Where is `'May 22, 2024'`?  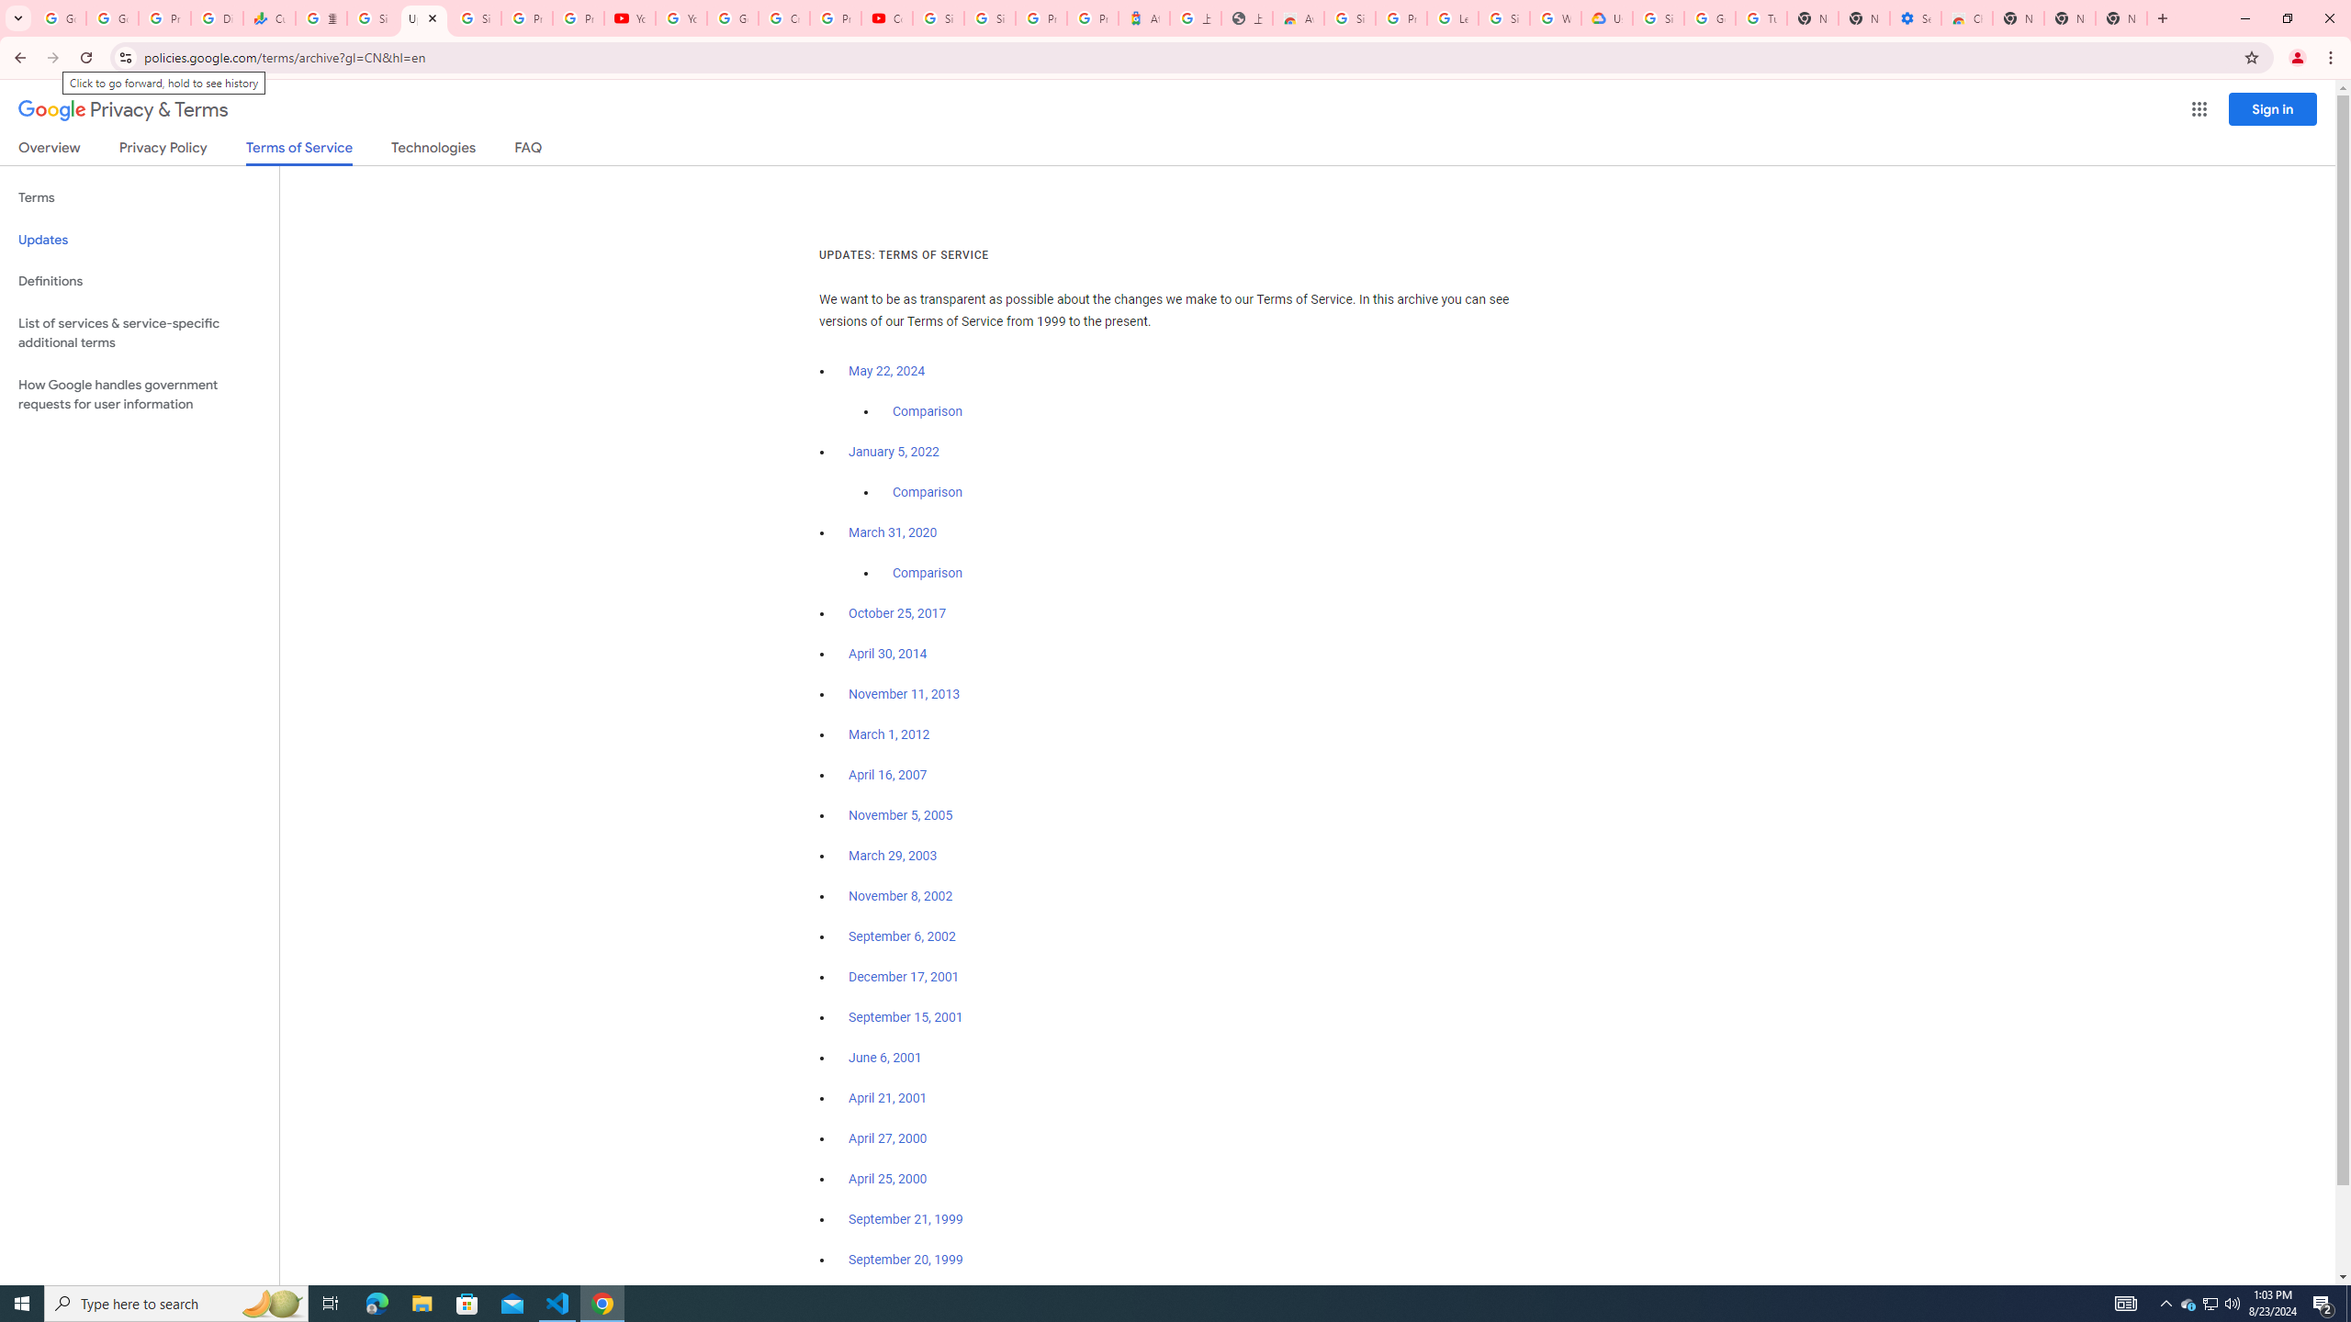 'May 22, 2024' is located at coordinates (887, 372).